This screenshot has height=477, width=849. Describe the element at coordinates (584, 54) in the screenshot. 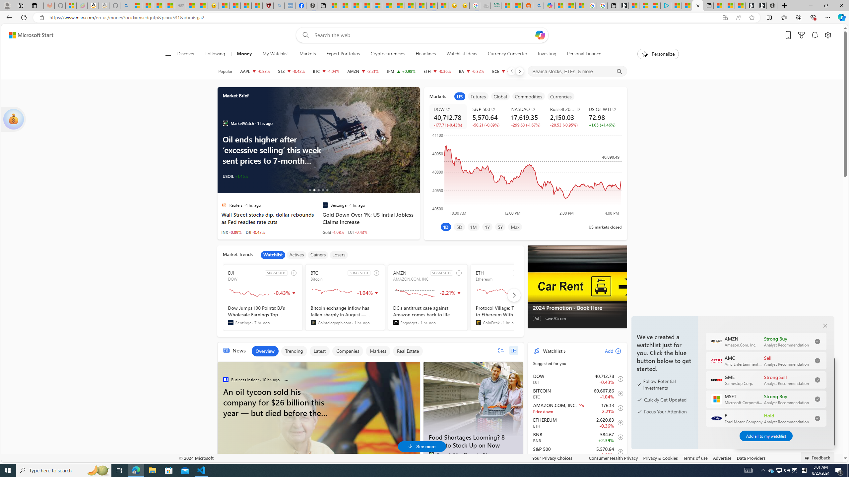

I see `'Personal Finance'` at that location.